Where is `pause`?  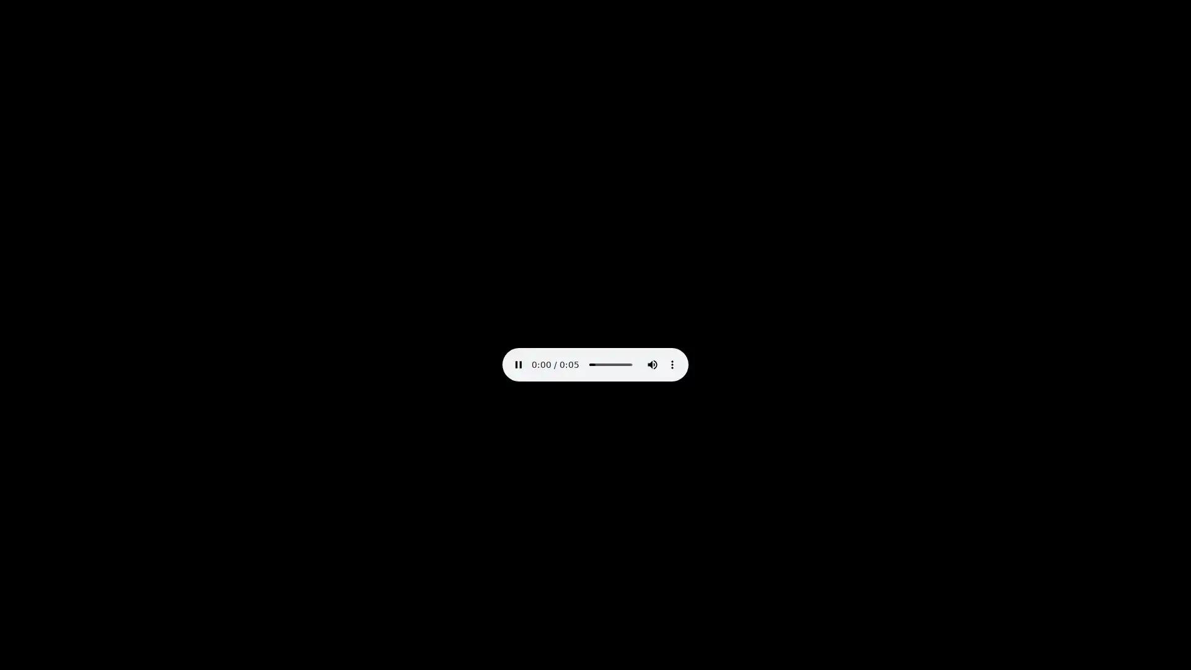
pause is located at coordinates (518, 364).